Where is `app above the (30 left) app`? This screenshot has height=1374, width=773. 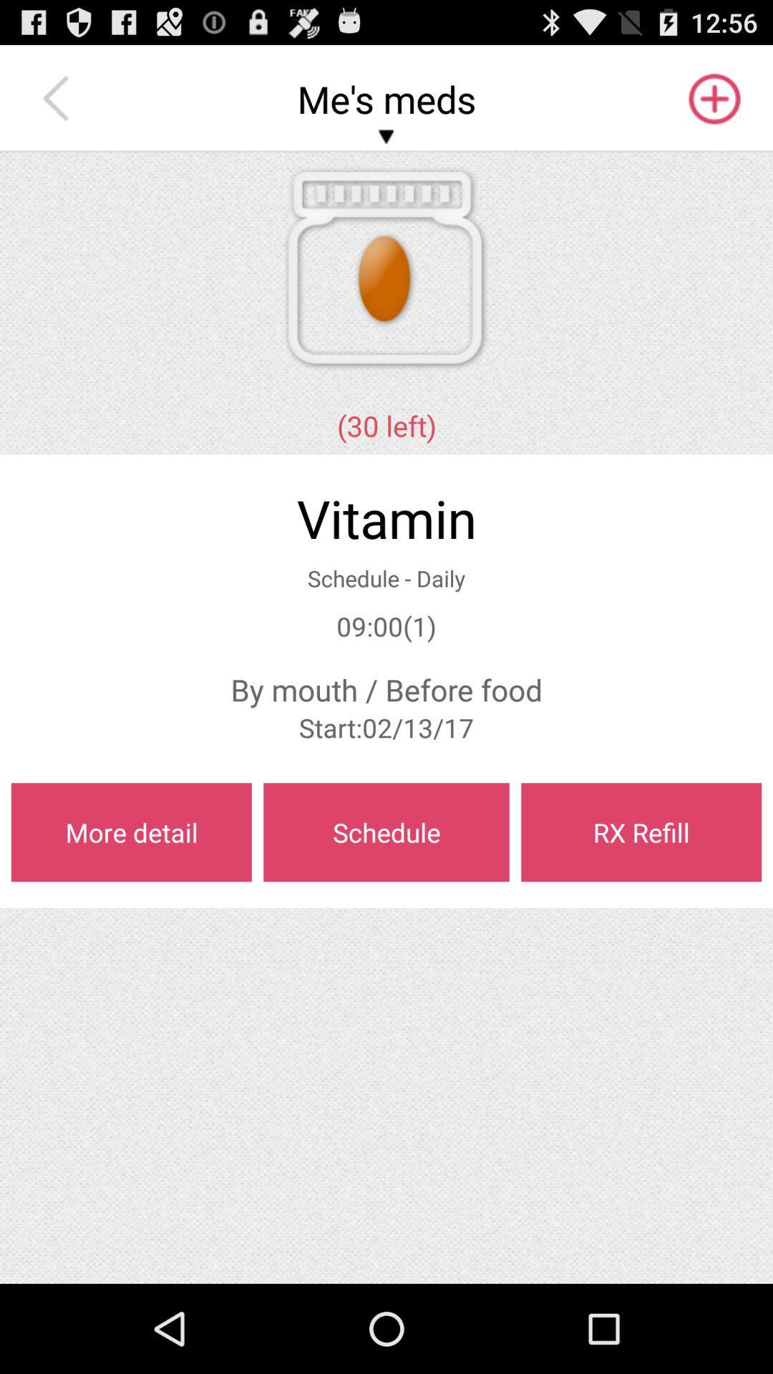 app above the (30 left) app is located at coordinates (713, 98).